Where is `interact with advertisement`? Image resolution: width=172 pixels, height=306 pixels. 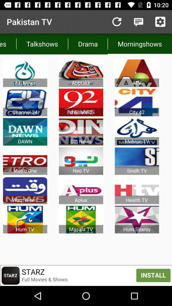
interact with advertisement is located at coordinates (86, 275).